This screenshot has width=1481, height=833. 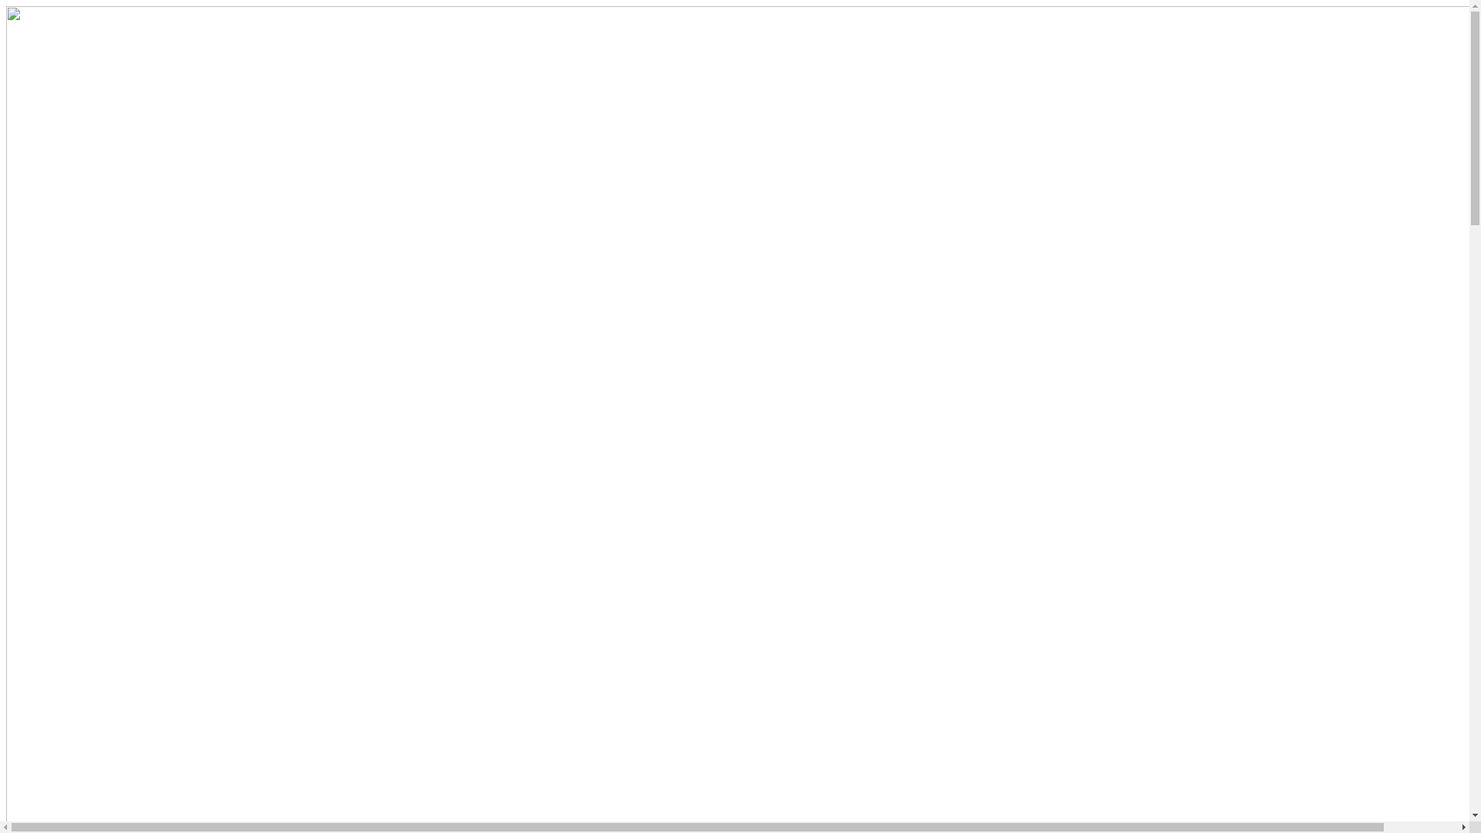 What do you see at coordinates (5, 5) in the screenshot?
I see `'Zum Inhalt springen'` at bounding box center [5, 5].